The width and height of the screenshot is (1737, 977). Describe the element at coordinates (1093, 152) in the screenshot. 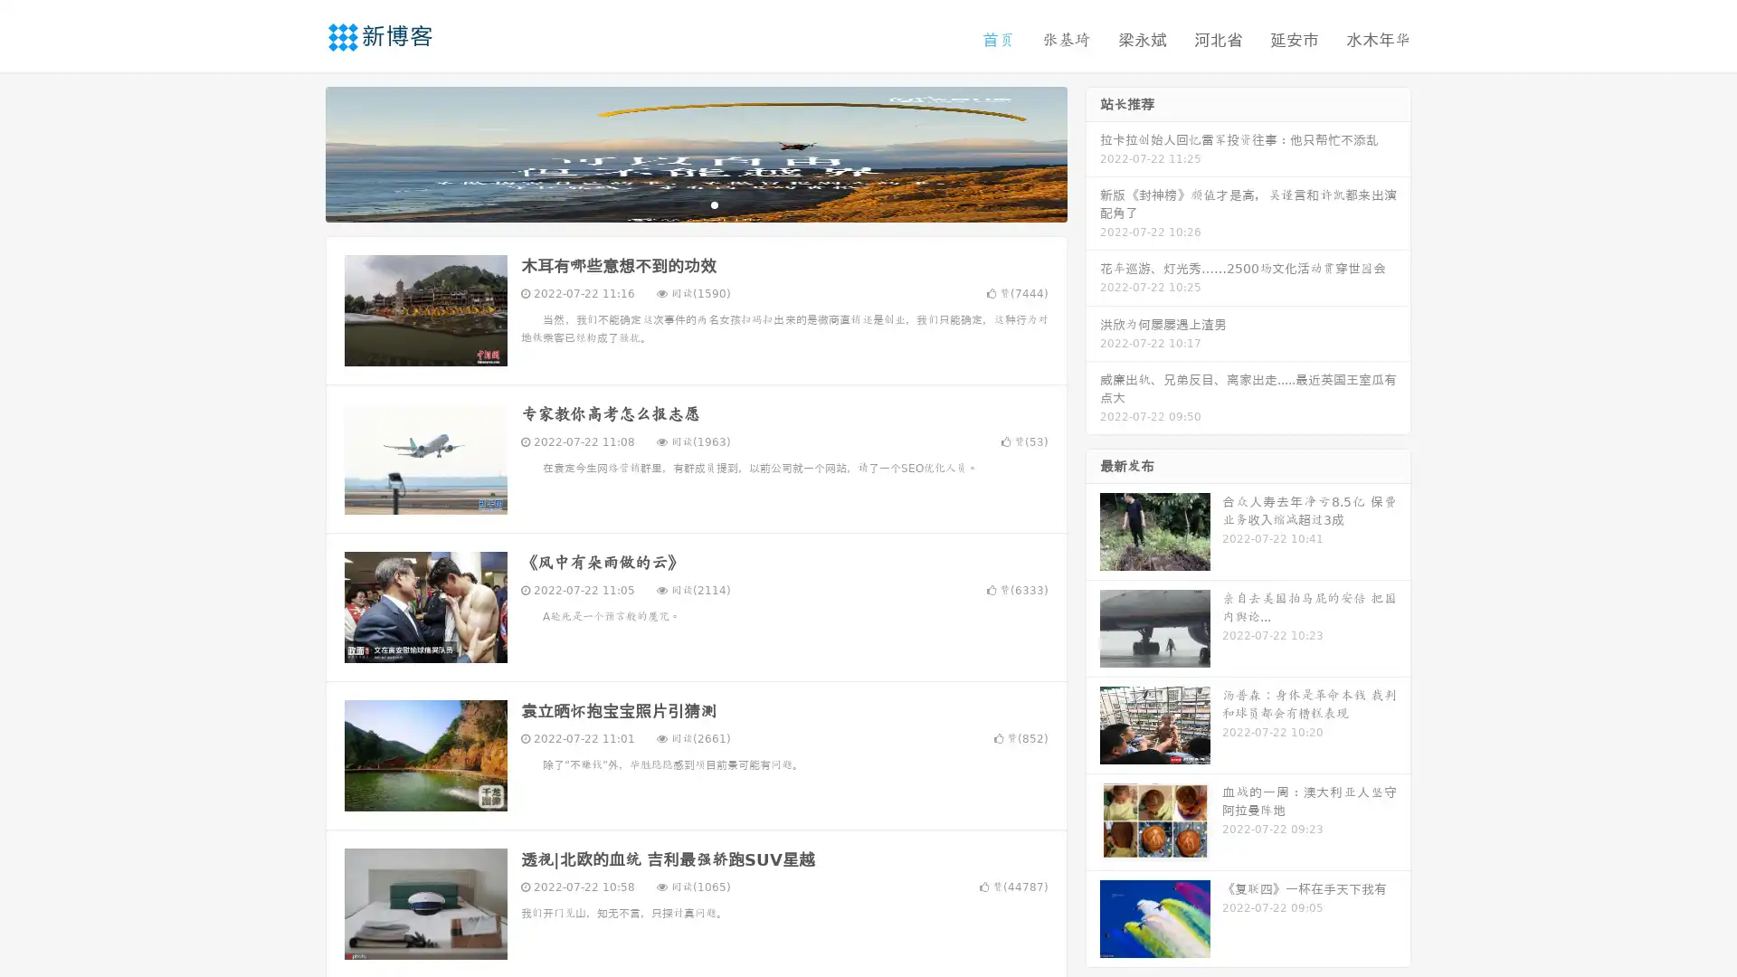

I see `Next slide` at that location.